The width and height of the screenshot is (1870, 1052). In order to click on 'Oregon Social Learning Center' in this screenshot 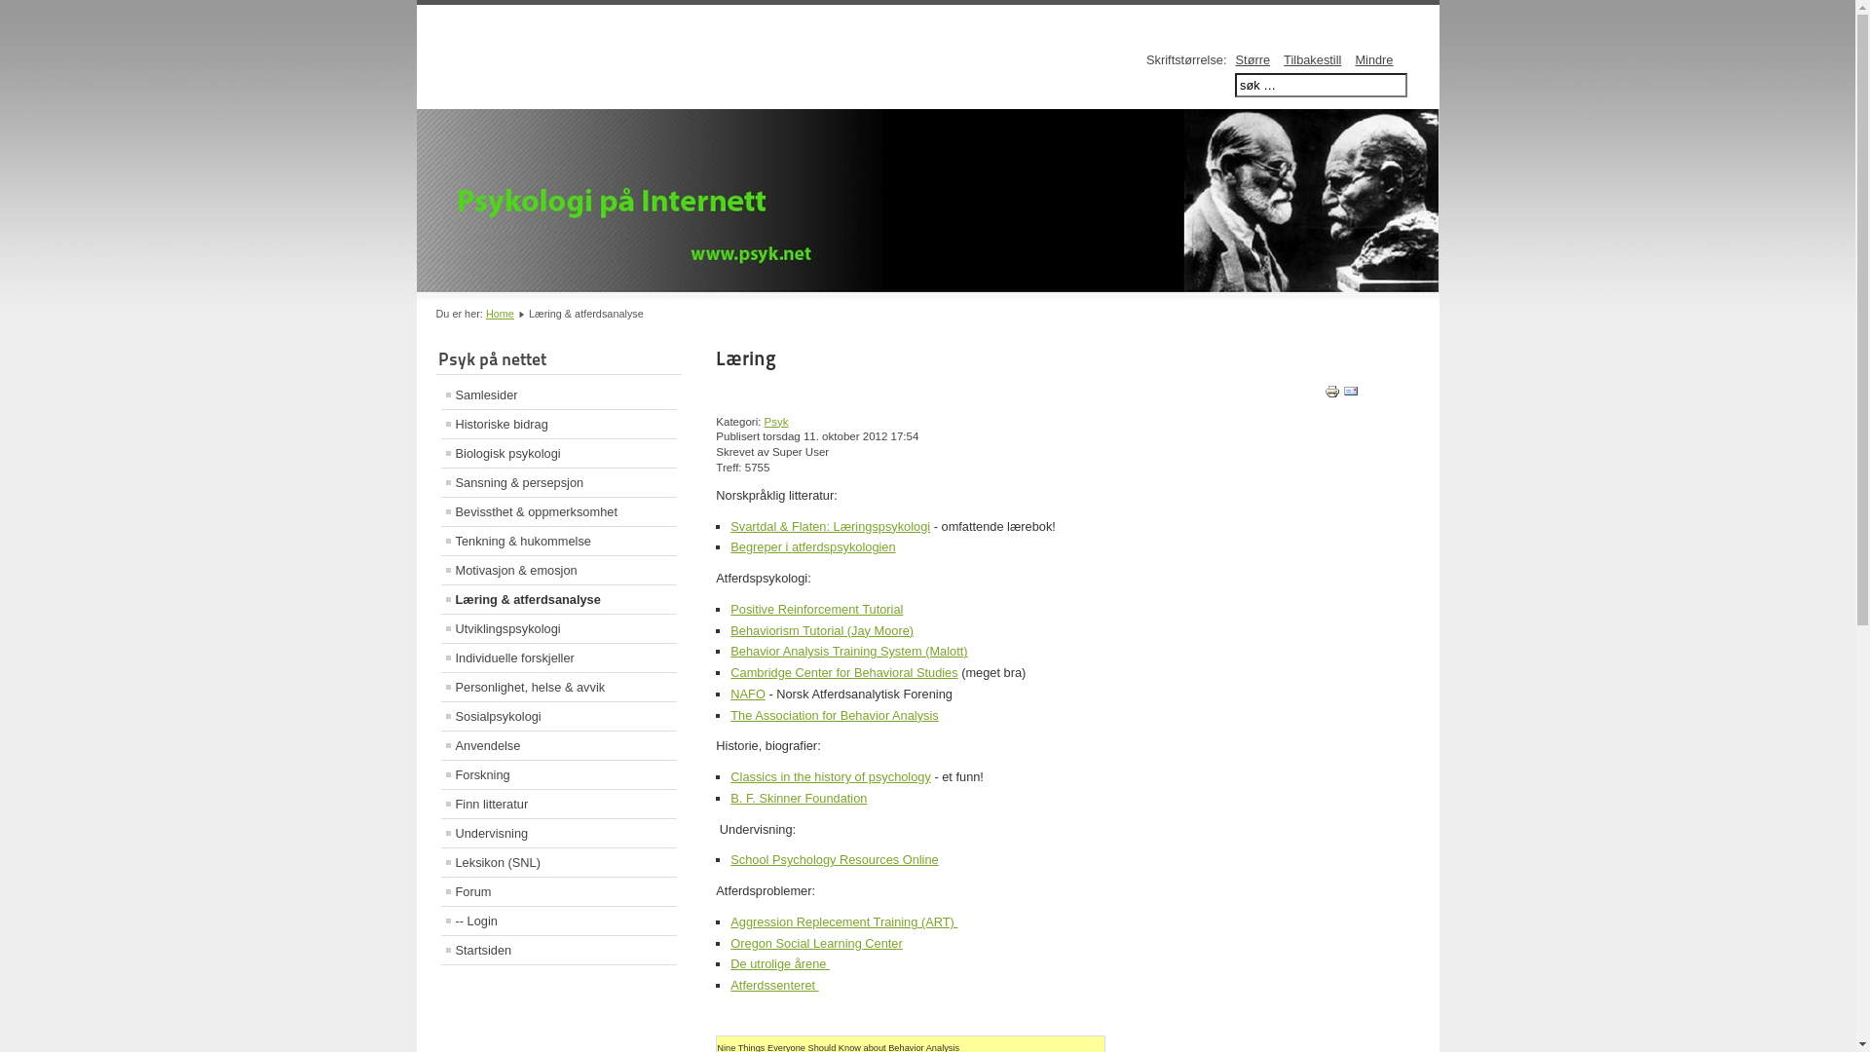, I will do `click(816, 942)`.